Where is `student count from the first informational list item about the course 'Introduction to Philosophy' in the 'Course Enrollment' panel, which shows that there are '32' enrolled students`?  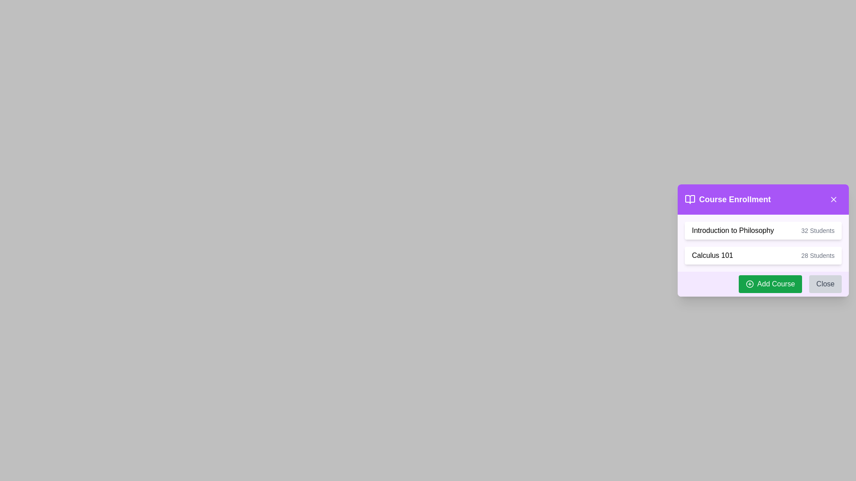
student count from the first informational list item about the course 'Introduction to Philosophy' in the 'Course Enrollment' panel, which shows that there are '32' enrolled students is located at coordinates (763, 230).